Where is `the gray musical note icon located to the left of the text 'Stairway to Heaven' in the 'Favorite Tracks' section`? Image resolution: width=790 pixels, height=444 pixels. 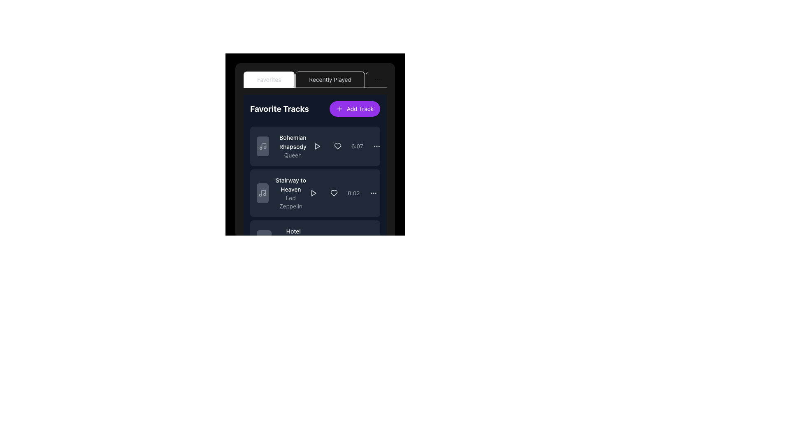 the gray musical note icon located to the left of the text 'Stairway to Heaven' in the 'Favorite Tracks' section is located at coordinates (262, 193).